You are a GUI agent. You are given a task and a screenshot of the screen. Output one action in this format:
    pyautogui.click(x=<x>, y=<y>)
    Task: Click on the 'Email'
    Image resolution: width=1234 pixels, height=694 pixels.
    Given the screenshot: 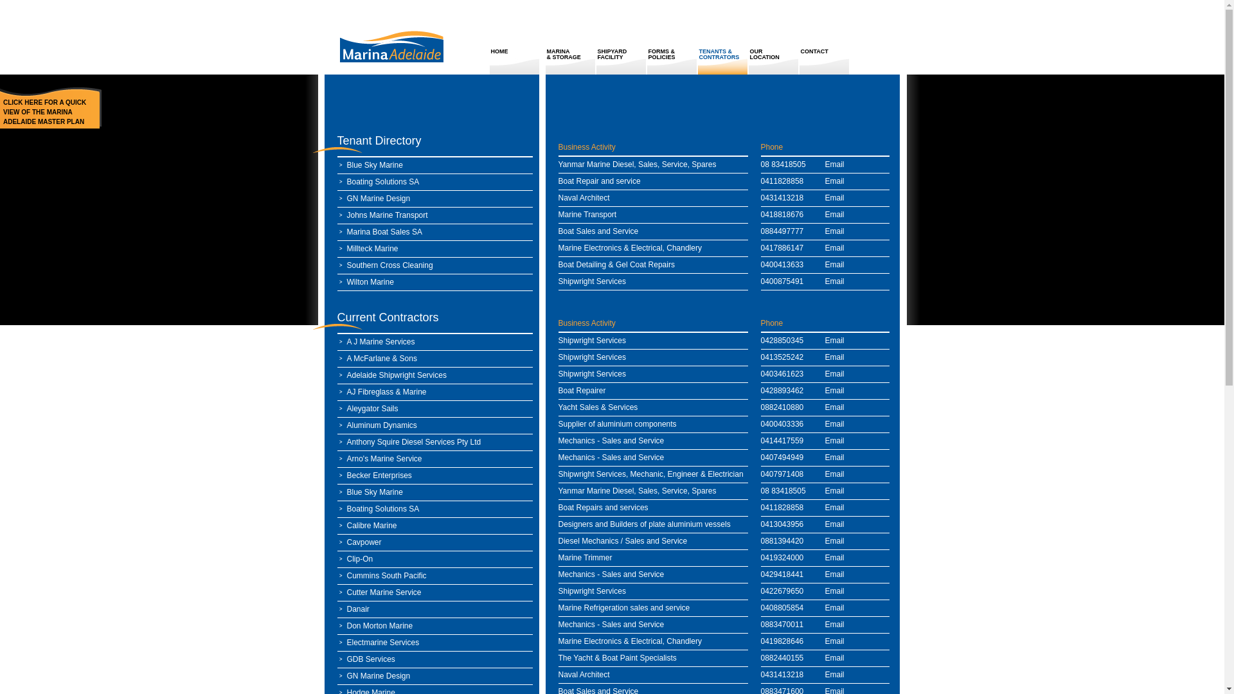 What is the action you would take?
    pyautogui.click(x=835, y=474)
    